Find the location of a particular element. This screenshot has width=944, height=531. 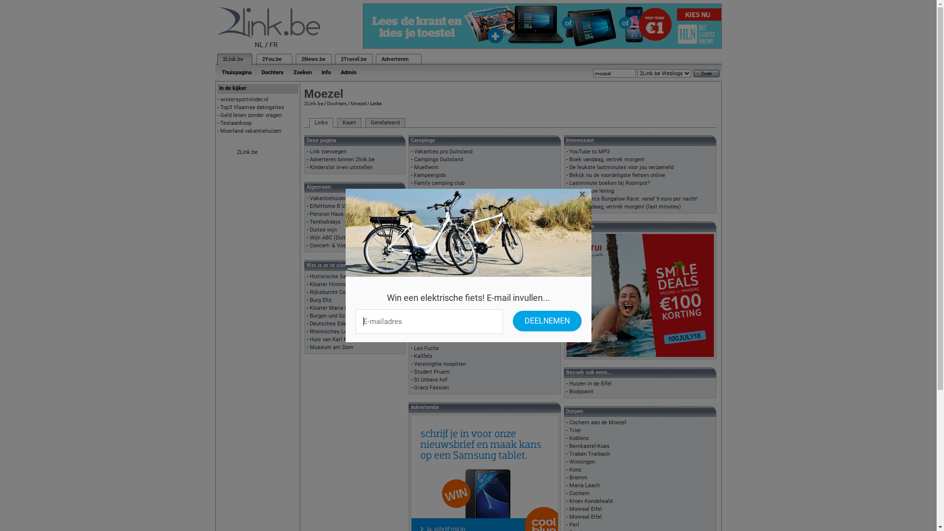

'Rheinisches Landesmuseum' is located at coordinates (345, 331).